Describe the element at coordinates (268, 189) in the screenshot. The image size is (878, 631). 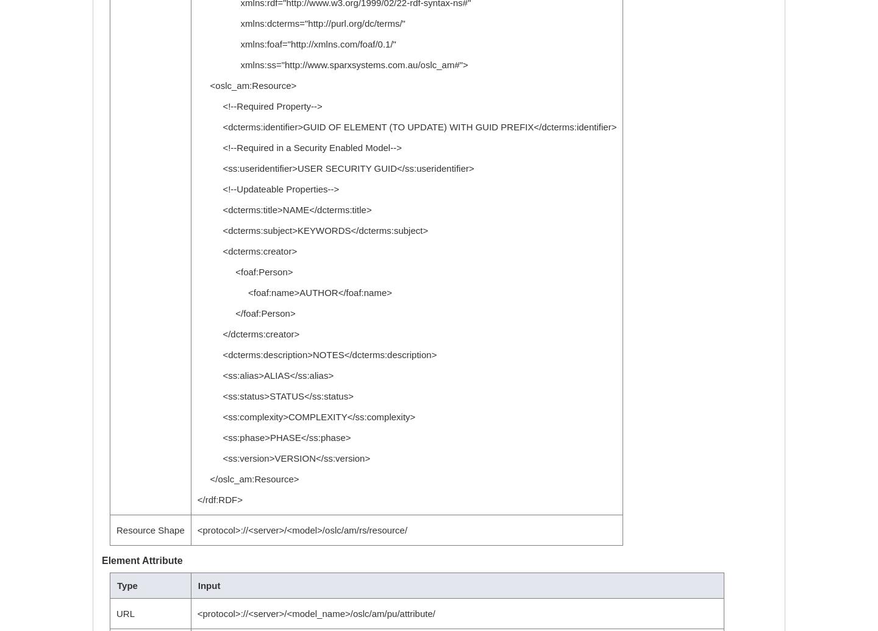
I see `'<!--Updateable Properties-->'` at that location.